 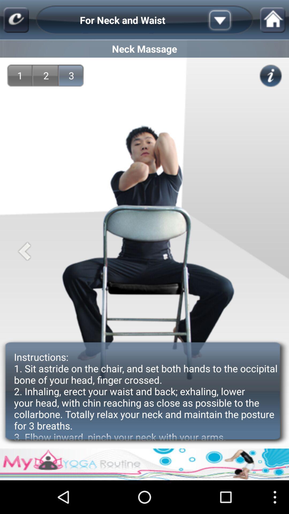 What do you see at coordinates (273, 20) in the screenshot?
I see `home` at bounding box center [273, 20].